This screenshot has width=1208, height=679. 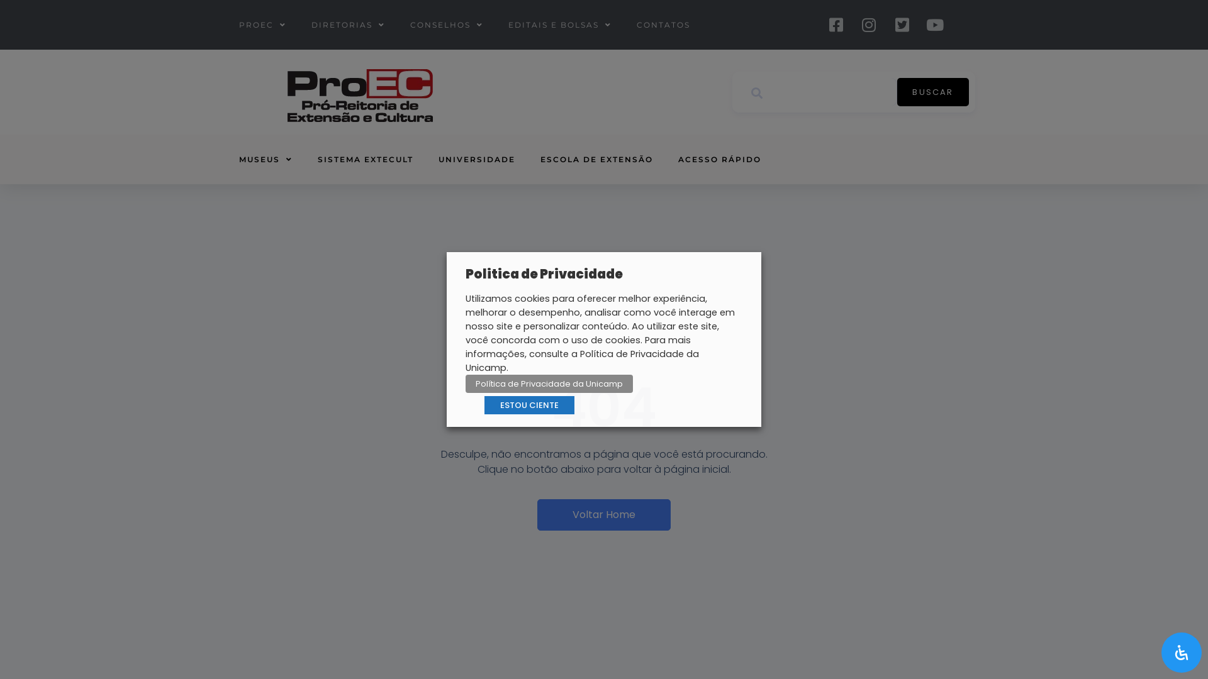 I want to click on 'UNIVERSIDADE', so click(x=476, y=158).